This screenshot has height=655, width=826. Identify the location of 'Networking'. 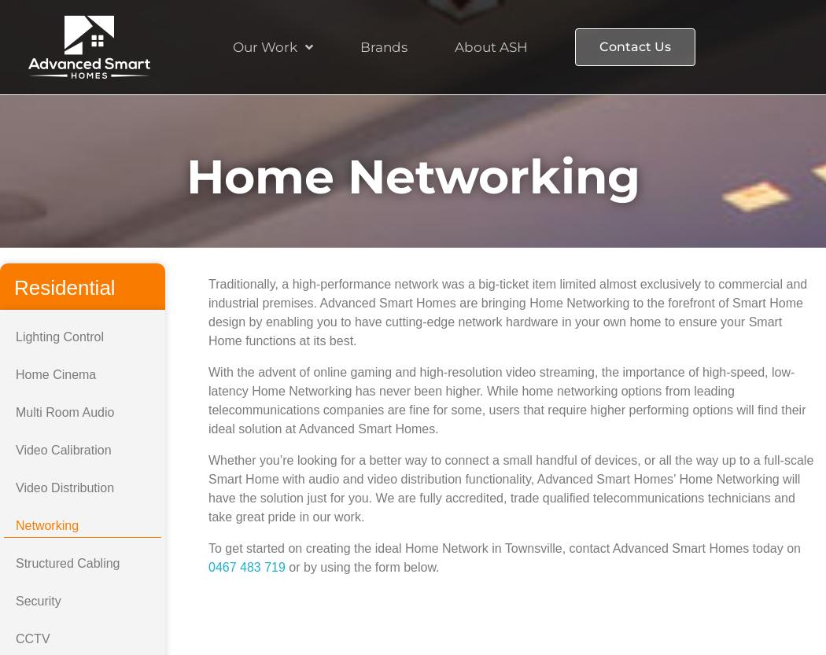
(46, 524).